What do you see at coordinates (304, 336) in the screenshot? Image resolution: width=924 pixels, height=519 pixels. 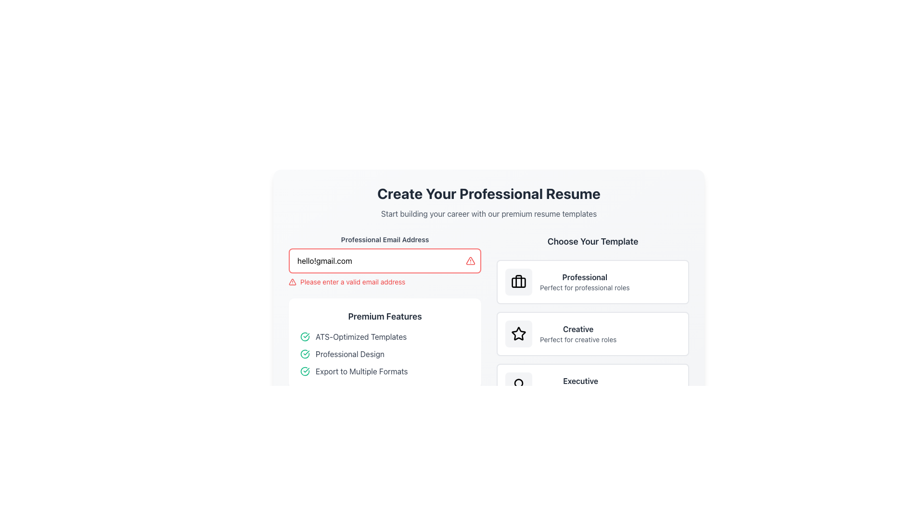 I see `the icon that indicates the 'ATS-Optimized Templates' feature, which is the first item in the list of premium features` at bounding box center [304, 336].